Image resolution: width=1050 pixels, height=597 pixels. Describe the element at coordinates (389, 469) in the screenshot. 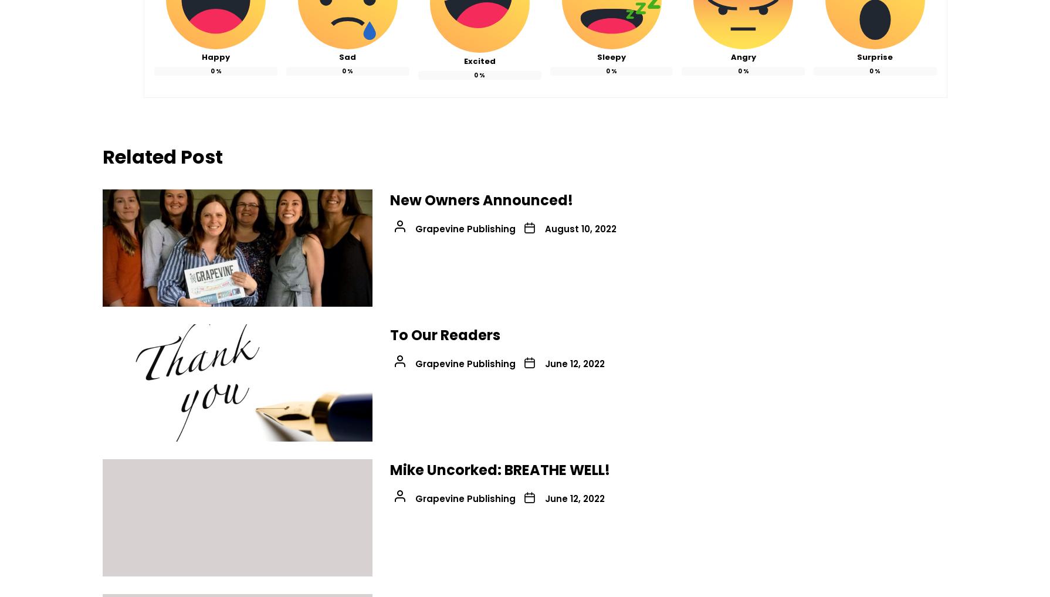

I see `'Mike Uncorked: BREATHE WELL!'` at that location.